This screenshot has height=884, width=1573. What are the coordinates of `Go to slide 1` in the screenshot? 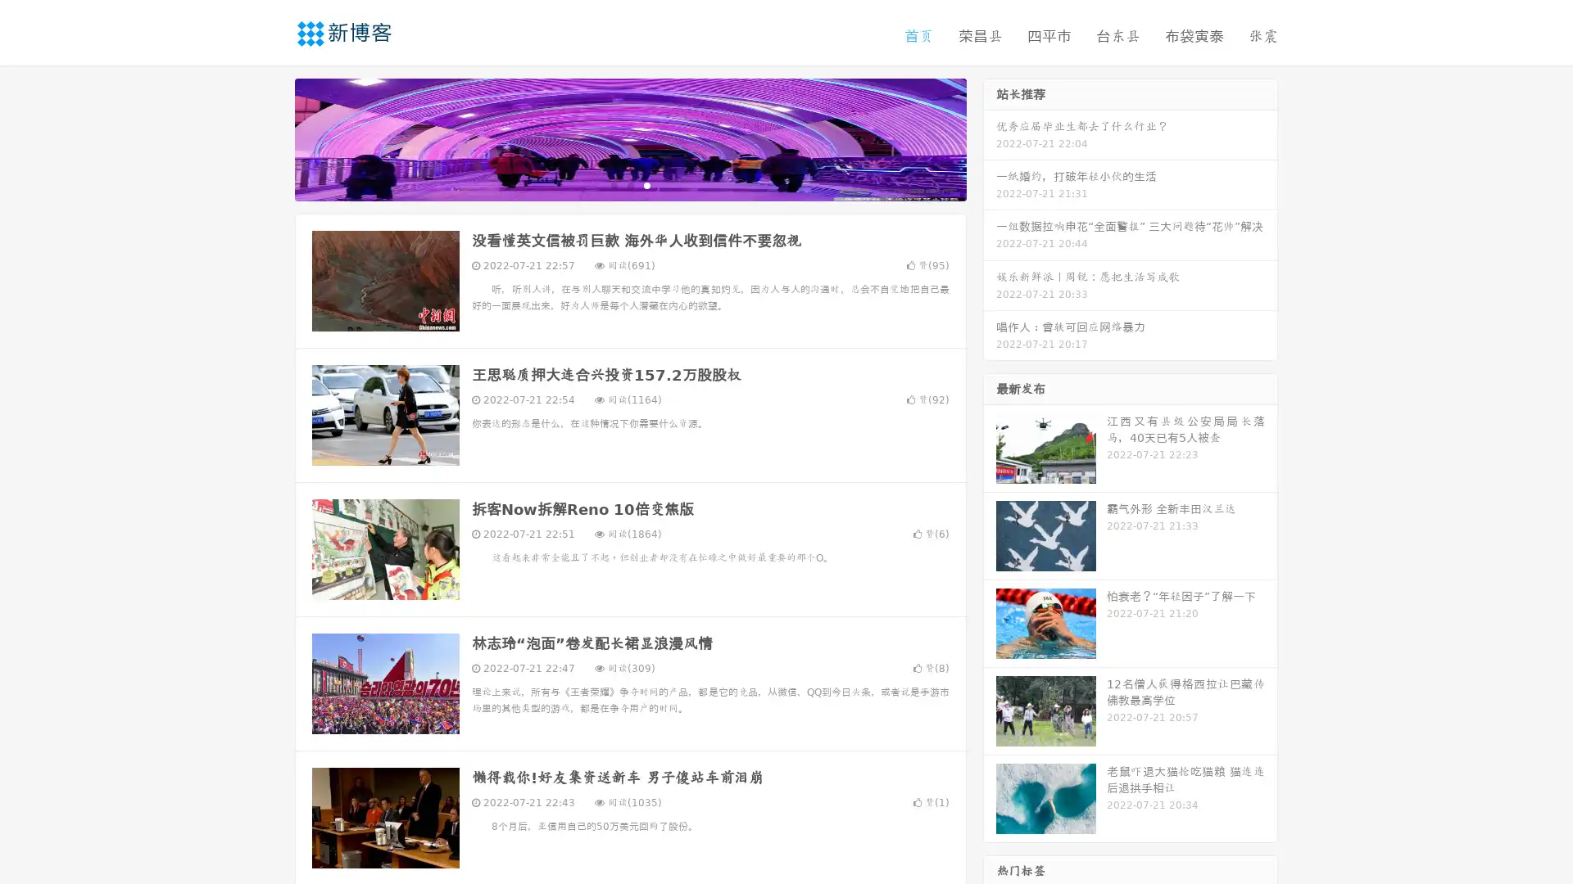 It's located at (613, 184).